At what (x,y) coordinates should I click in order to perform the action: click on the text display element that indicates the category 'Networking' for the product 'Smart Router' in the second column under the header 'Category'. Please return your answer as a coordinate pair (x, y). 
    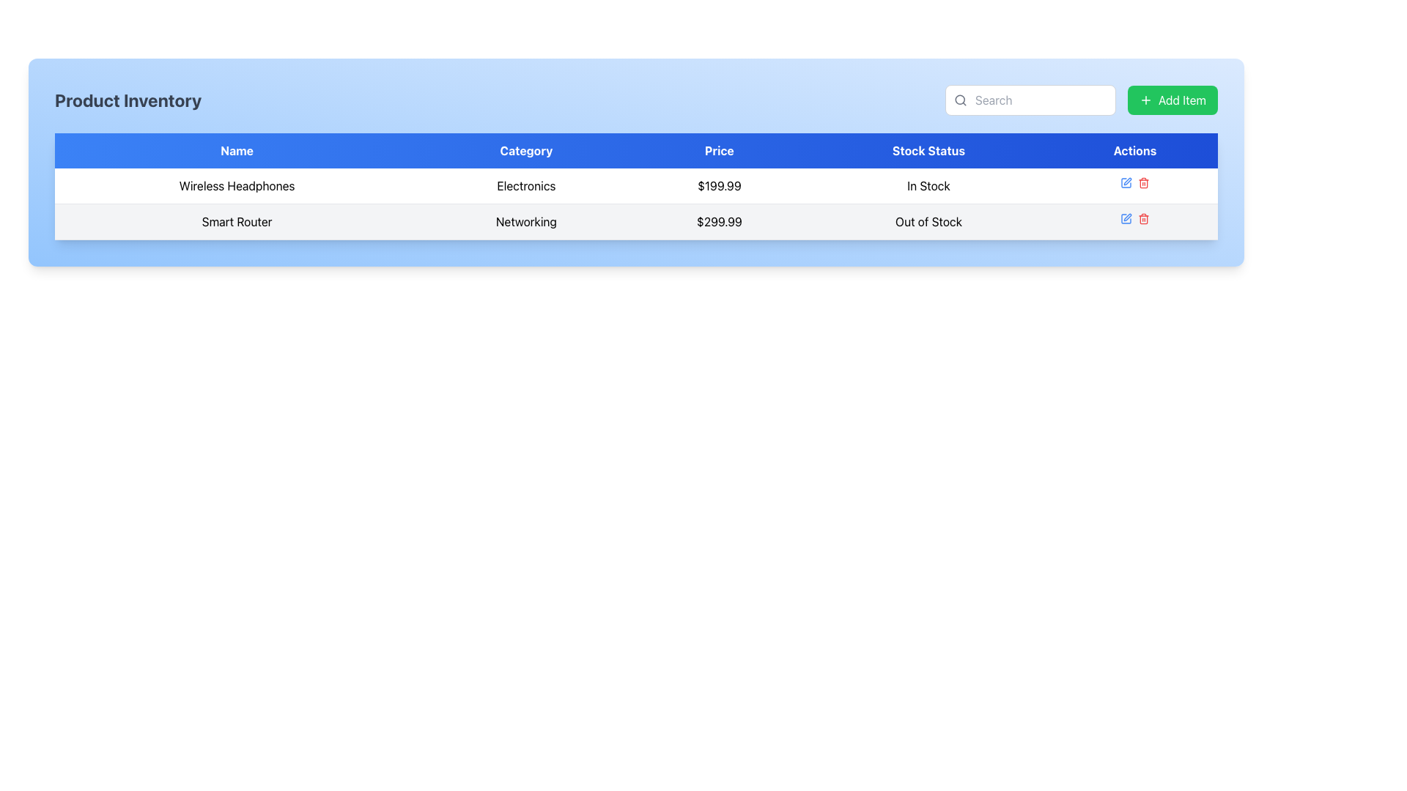
    Looking at the image, I should click on (526, 222).